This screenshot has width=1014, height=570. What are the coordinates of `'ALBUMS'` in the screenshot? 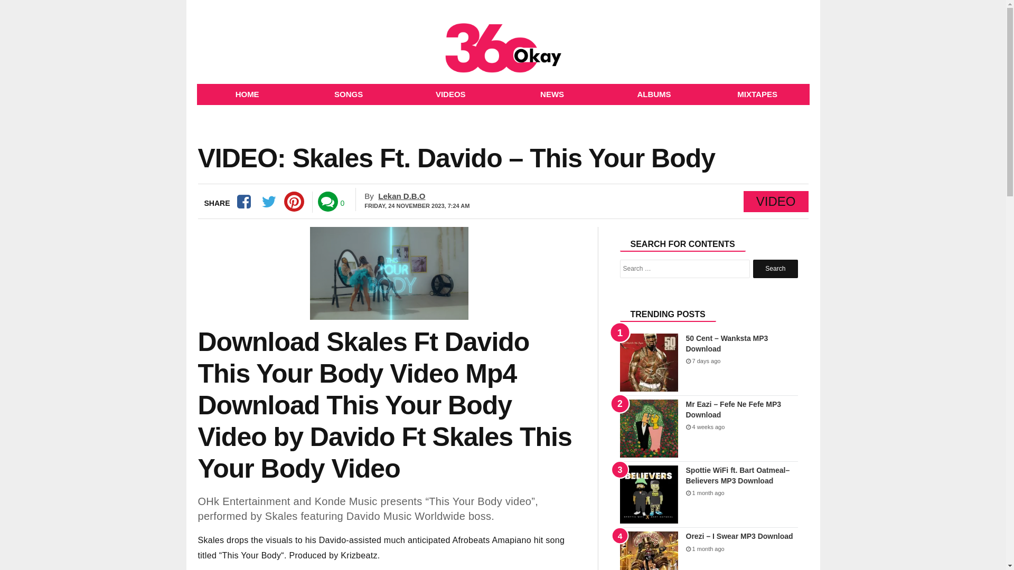 It's located at (653, 93).